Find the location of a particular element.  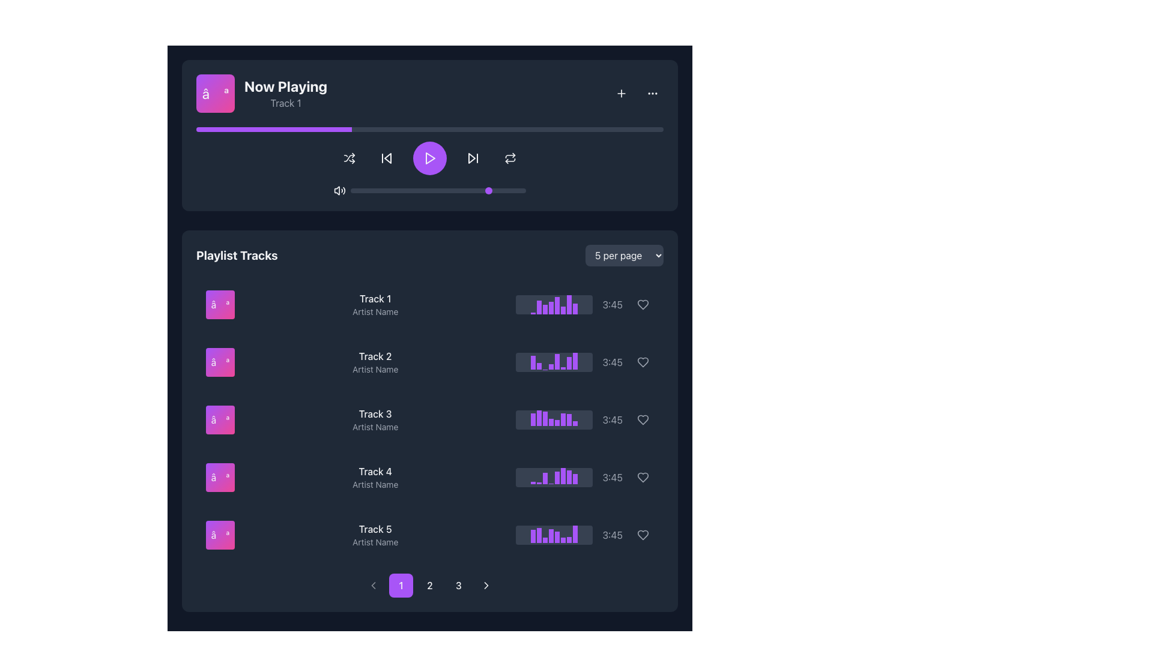

the playback control button located in the middle of the player interface to play or pause the current track is located at coordinates (429, 157).